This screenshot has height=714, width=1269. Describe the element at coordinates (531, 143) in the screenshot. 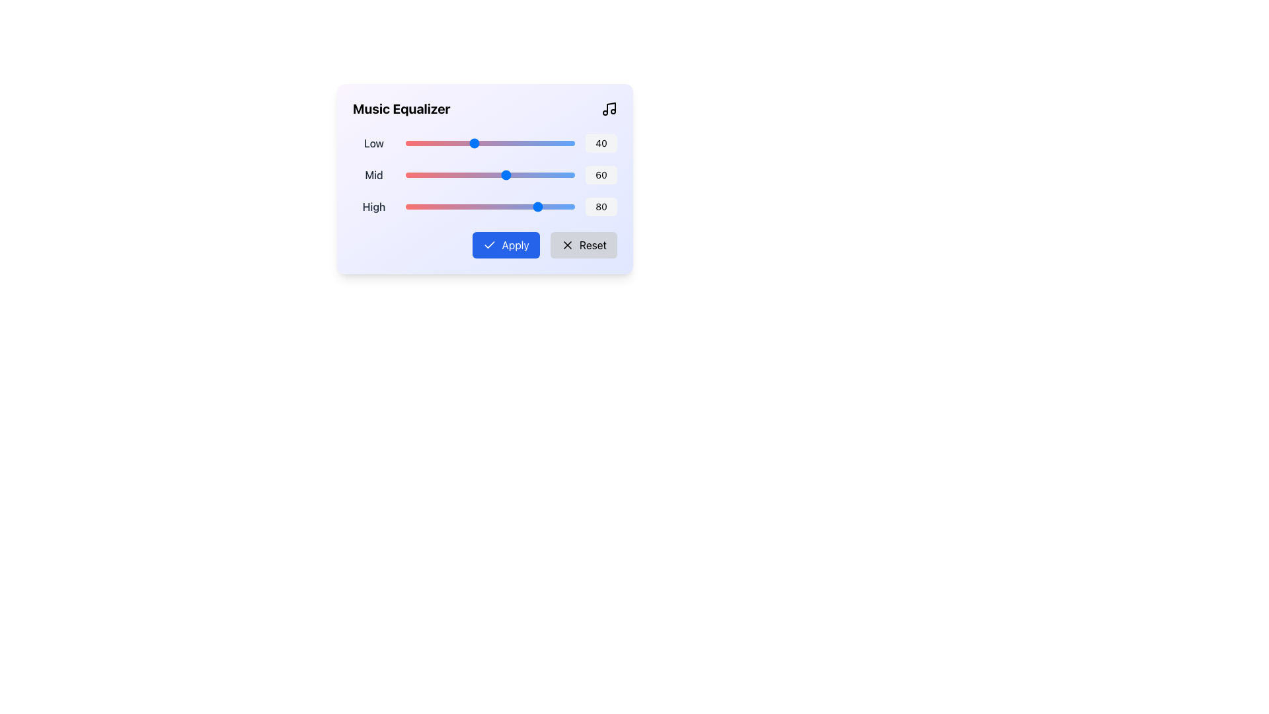

I see `the low equalizer slider` at that location.